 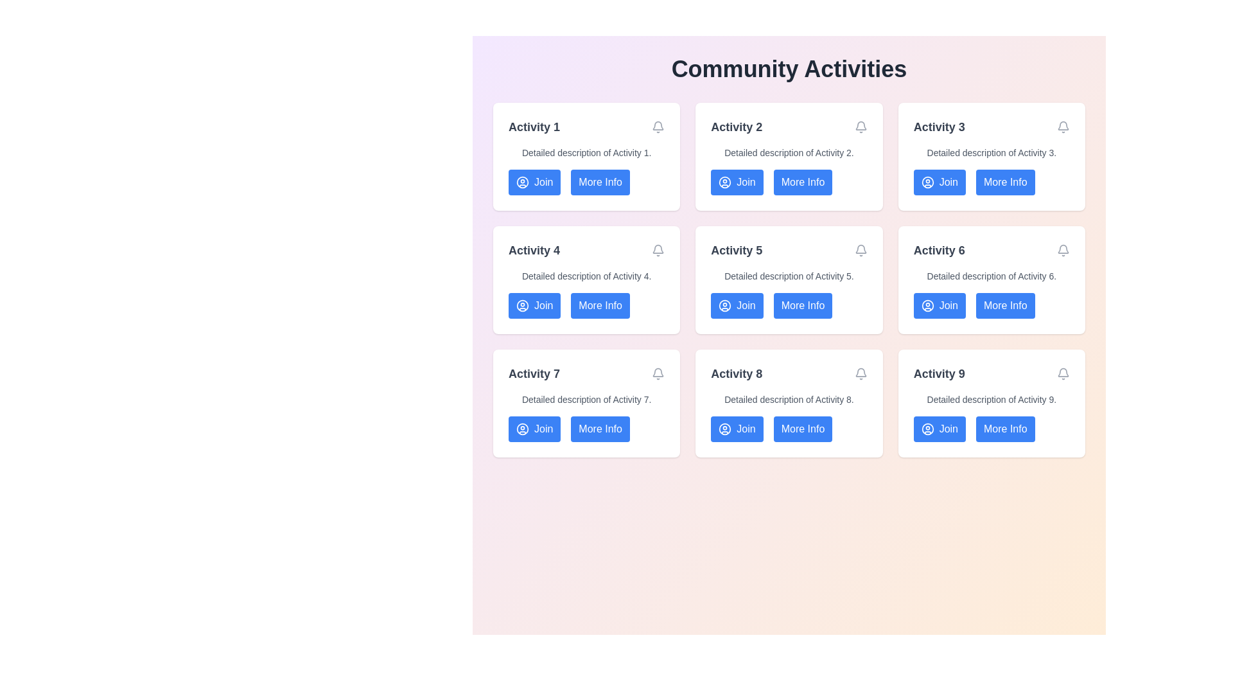 What do you see at coordinates (725, 305) in the screenshot?
I see `the small user icon with a circular border located on the left side of the 'Join' button text within the 'Activity 5' card` at bounding box center [725, 305].